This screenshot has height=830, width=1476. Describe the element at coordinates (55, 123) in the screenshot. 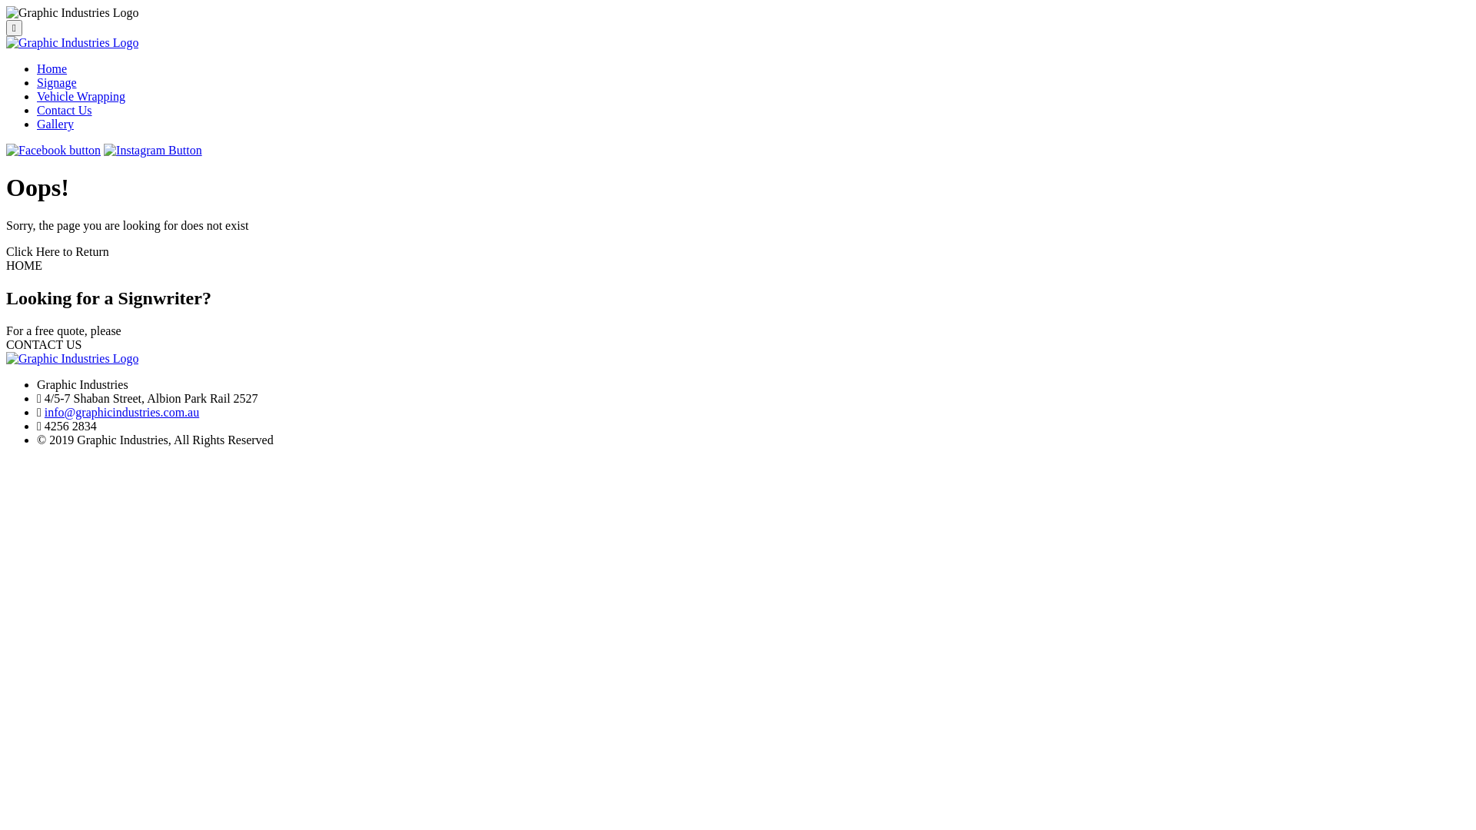

I see `'Gallery'` at that location.